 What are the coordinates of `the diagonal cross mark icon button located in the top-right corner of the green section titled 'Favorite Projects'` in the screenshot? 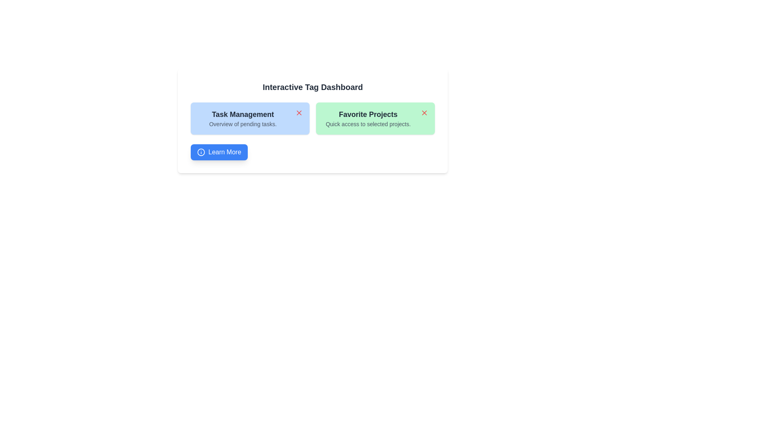 It's located at (424, 113).